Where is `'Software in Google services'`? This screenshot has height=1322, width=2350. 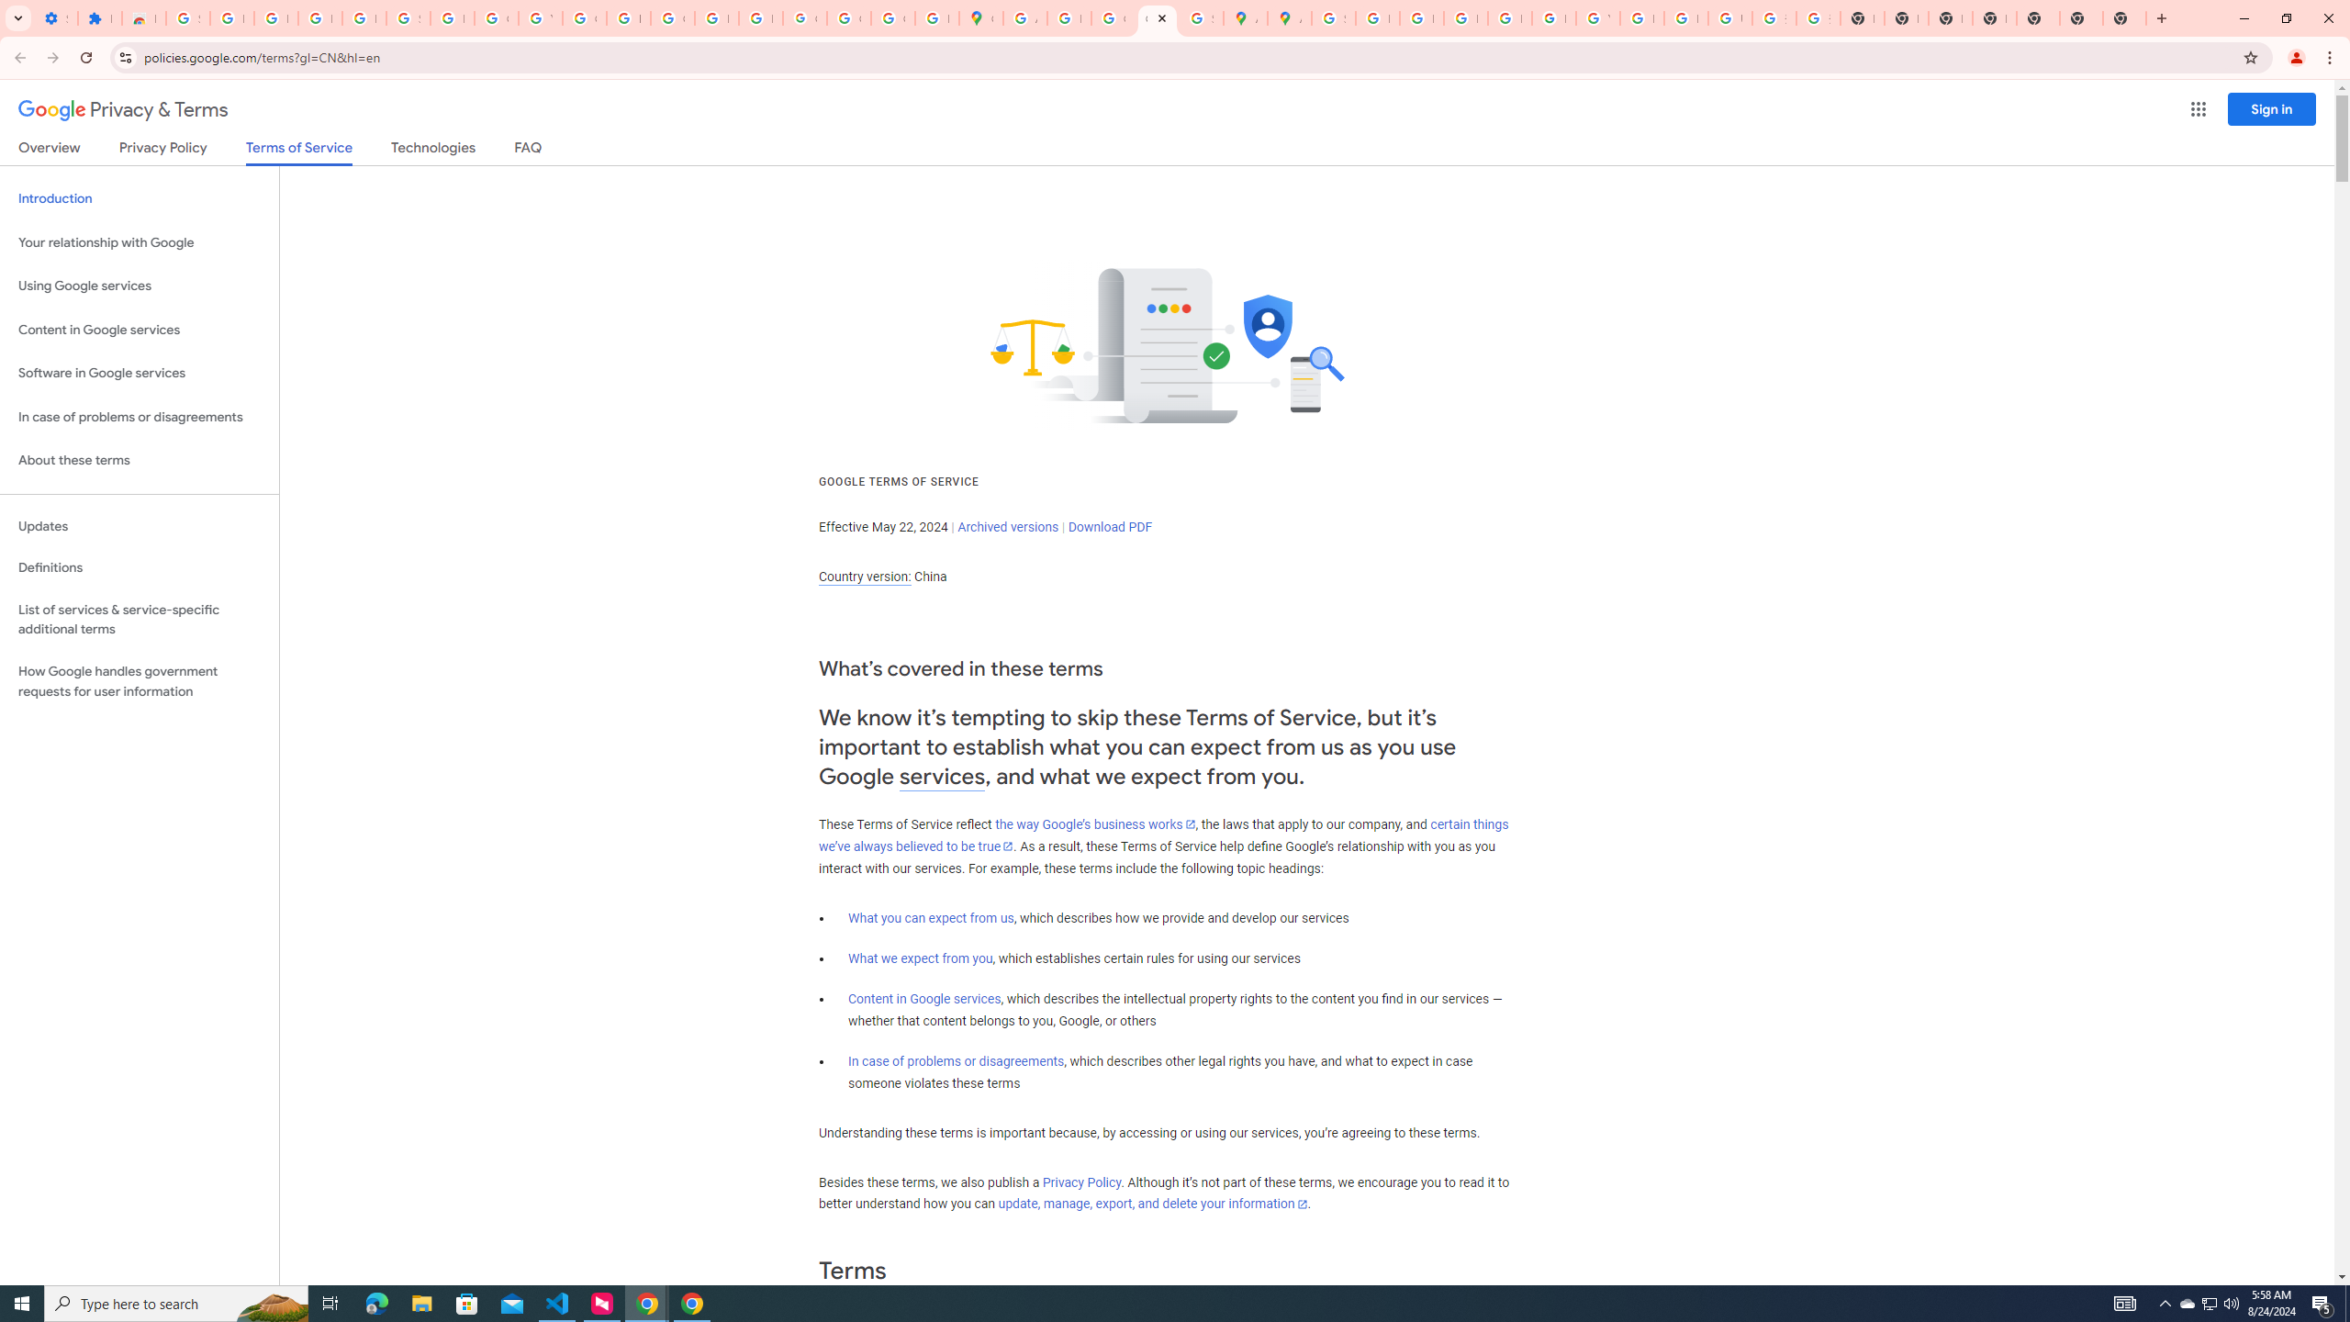 'Software in Google services' is located at coordinates (139, 372).